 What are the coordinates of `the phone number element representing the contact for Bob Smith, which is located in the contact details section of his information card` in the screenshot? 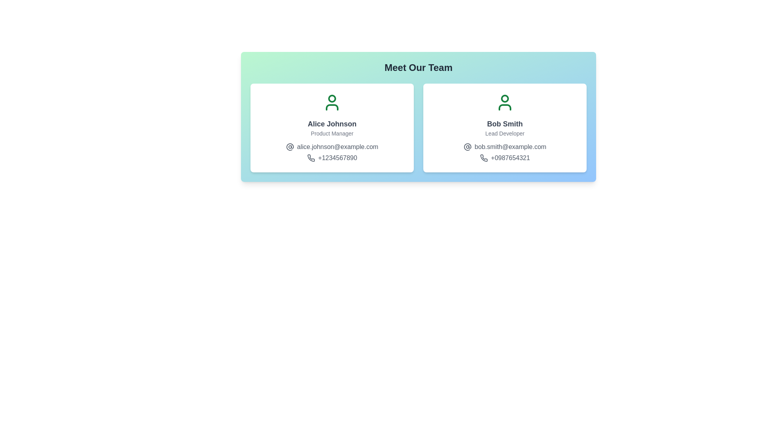 It's located at (504, 158).